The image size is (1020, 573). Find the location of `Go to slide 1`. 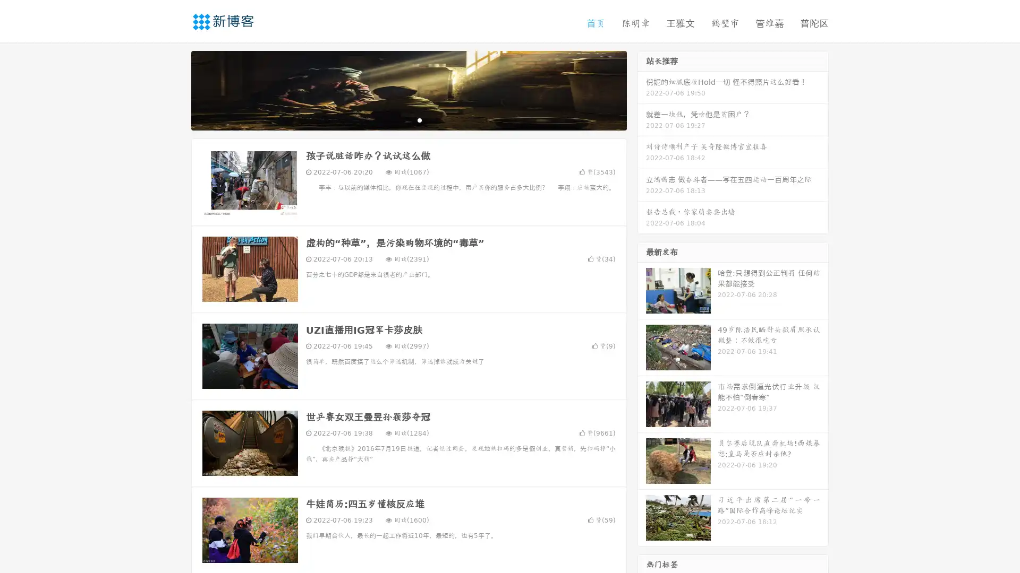

Go to slide 1 is located at coordinates (397, 119).